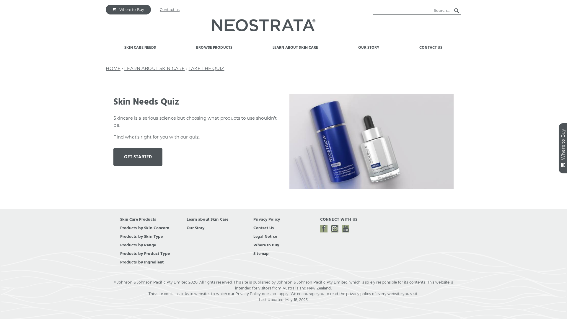 This screenshot has width=567, height=319. Describe the element at coordinates (128, 9) in the screenshot. I see `'Where to Buy'` at that location.